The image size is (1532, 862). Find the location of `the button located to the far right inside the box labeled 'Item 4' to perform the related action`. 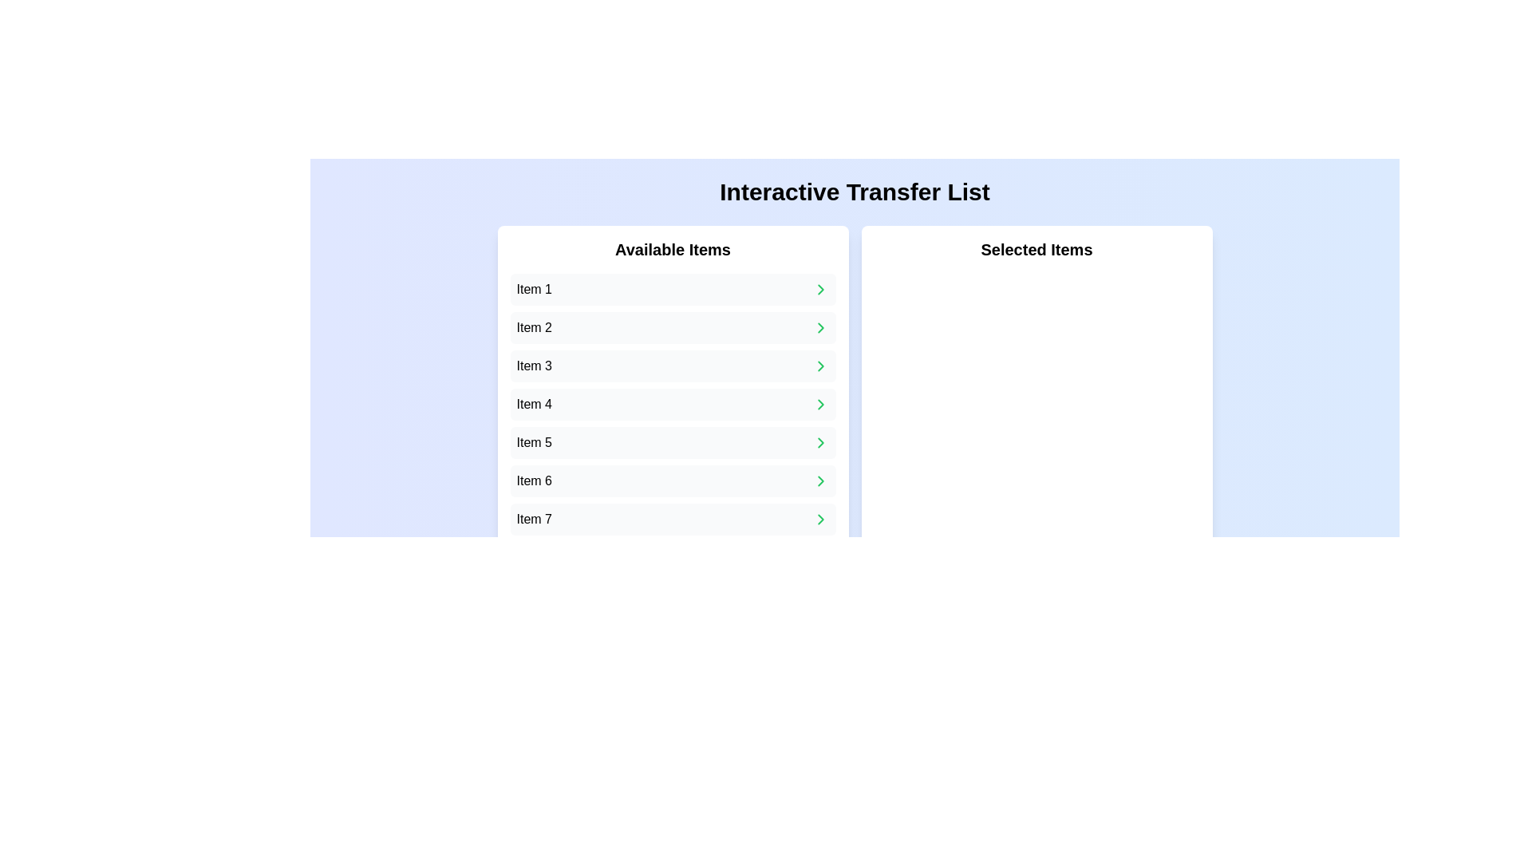

the button located to the far right inside the box labeled 'Item 4' to perform the related action is located at coordinates (820, 403).